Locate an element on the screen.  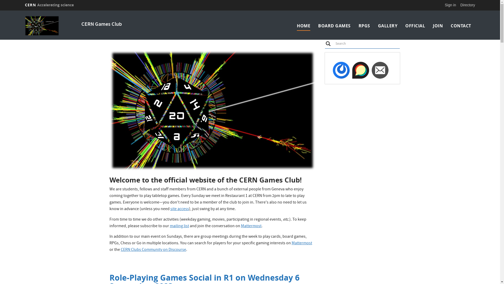
'CERN Clubs Community on Discourse' is located at coordinates (153, 250).